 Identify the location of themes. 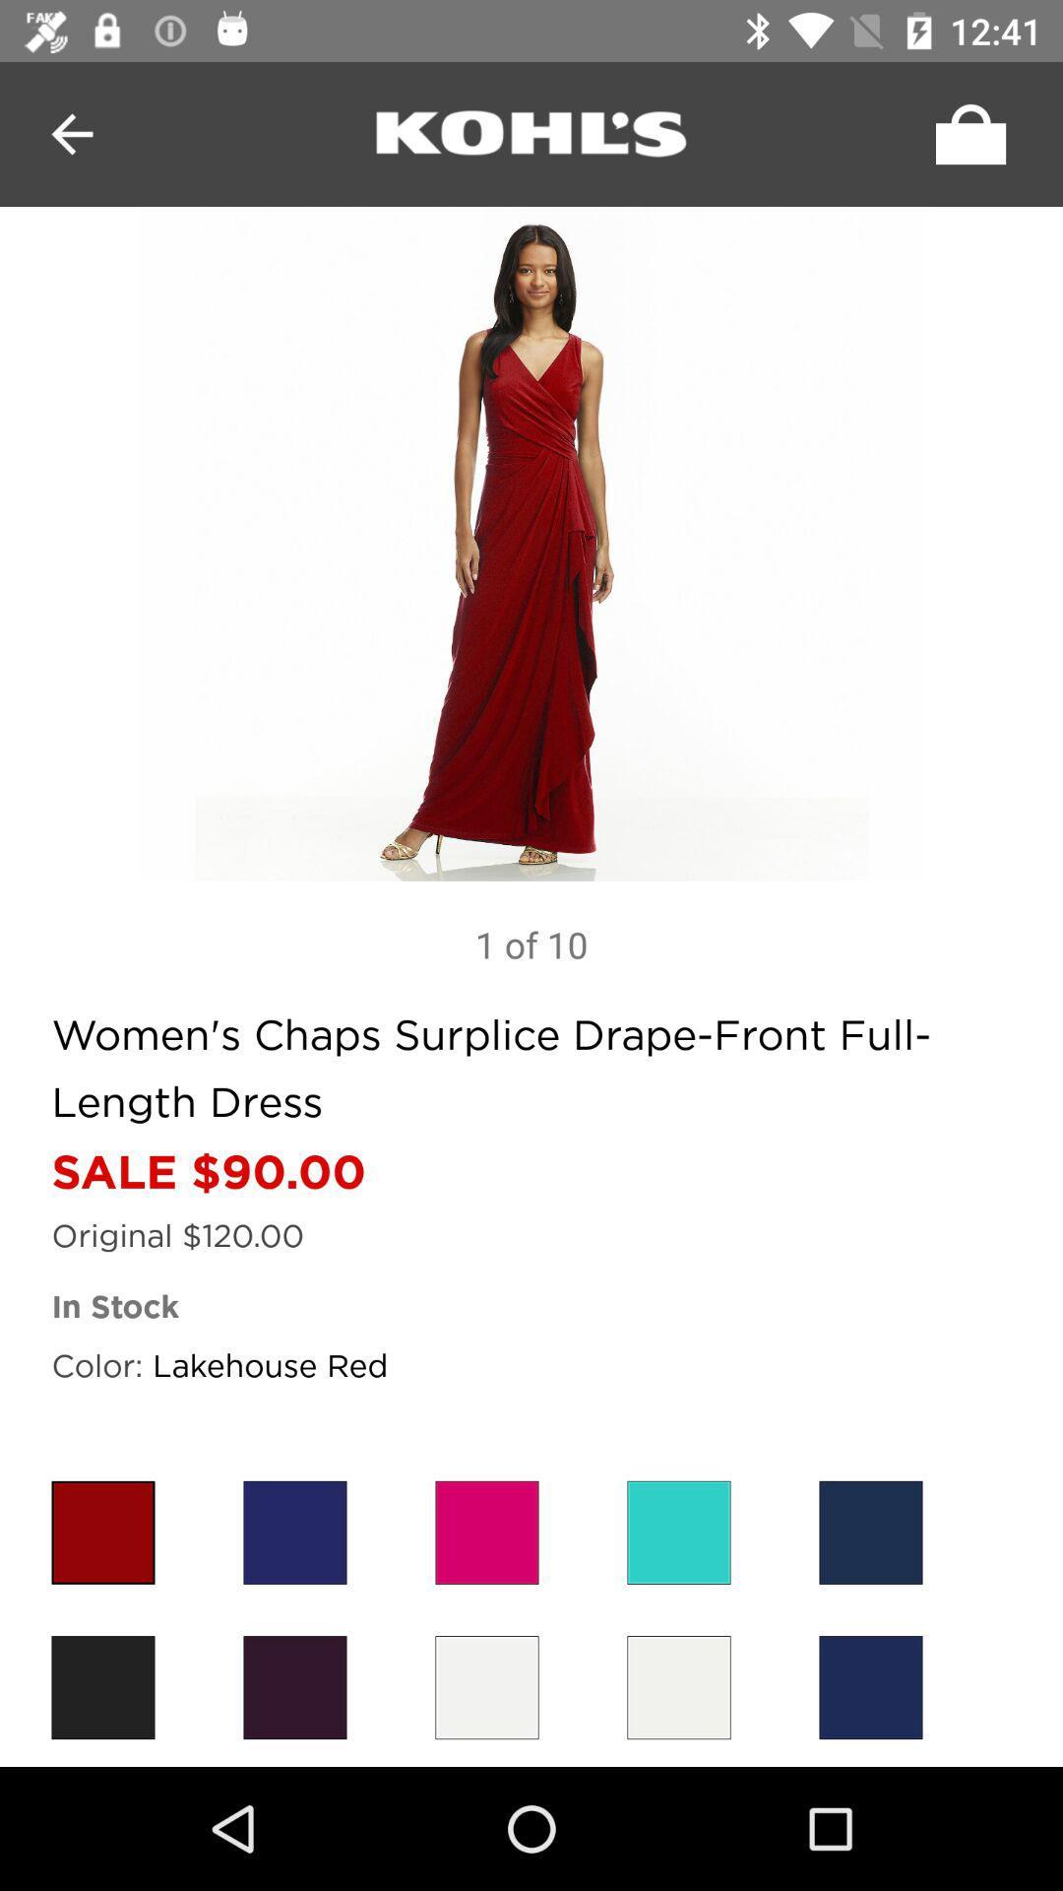
(869, 1532).